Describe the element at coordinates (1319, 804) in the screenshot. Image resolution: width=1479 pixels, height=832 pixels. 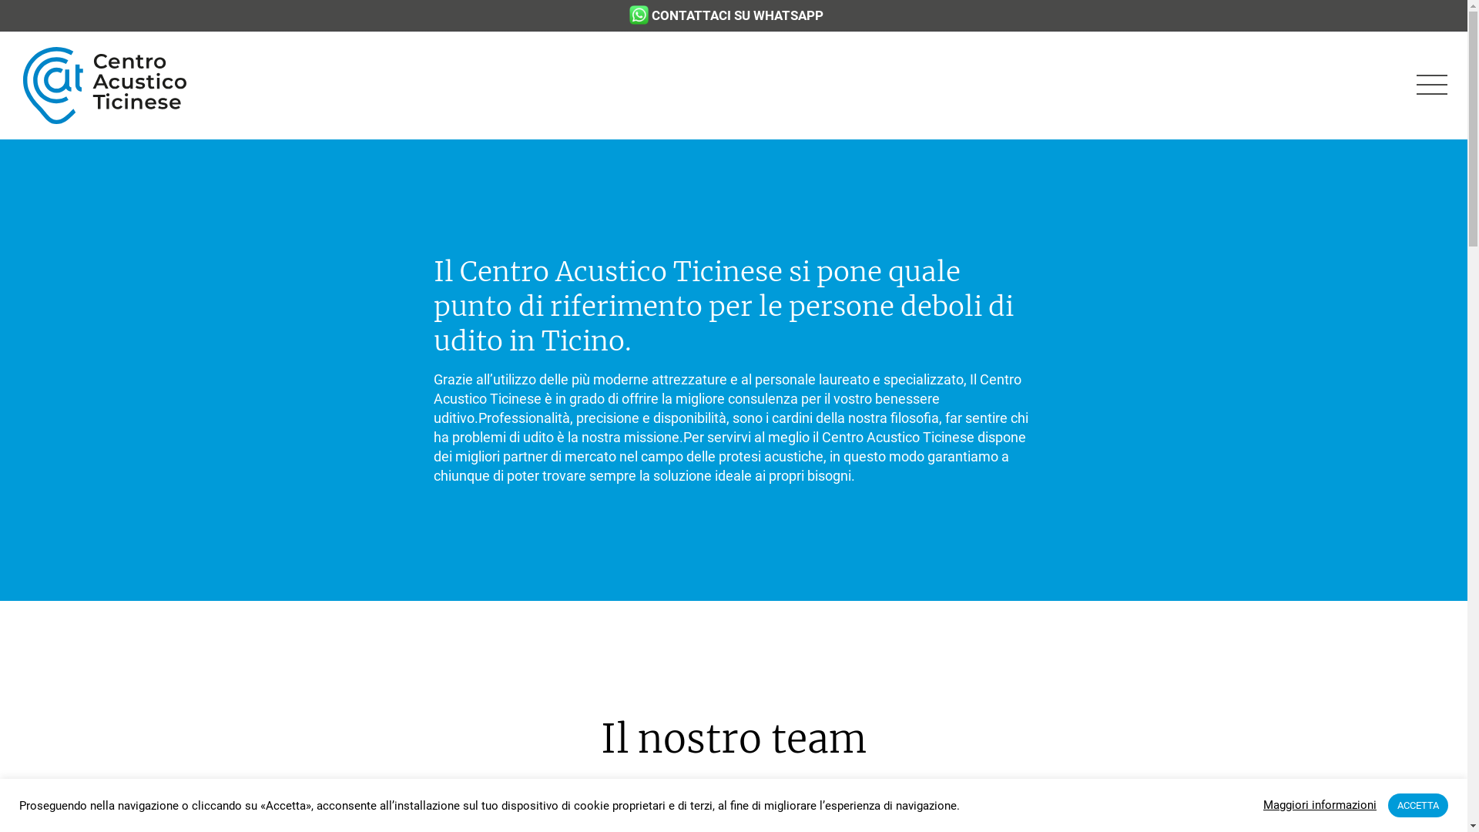
I see `'Maggiori informazioni'` at that location.